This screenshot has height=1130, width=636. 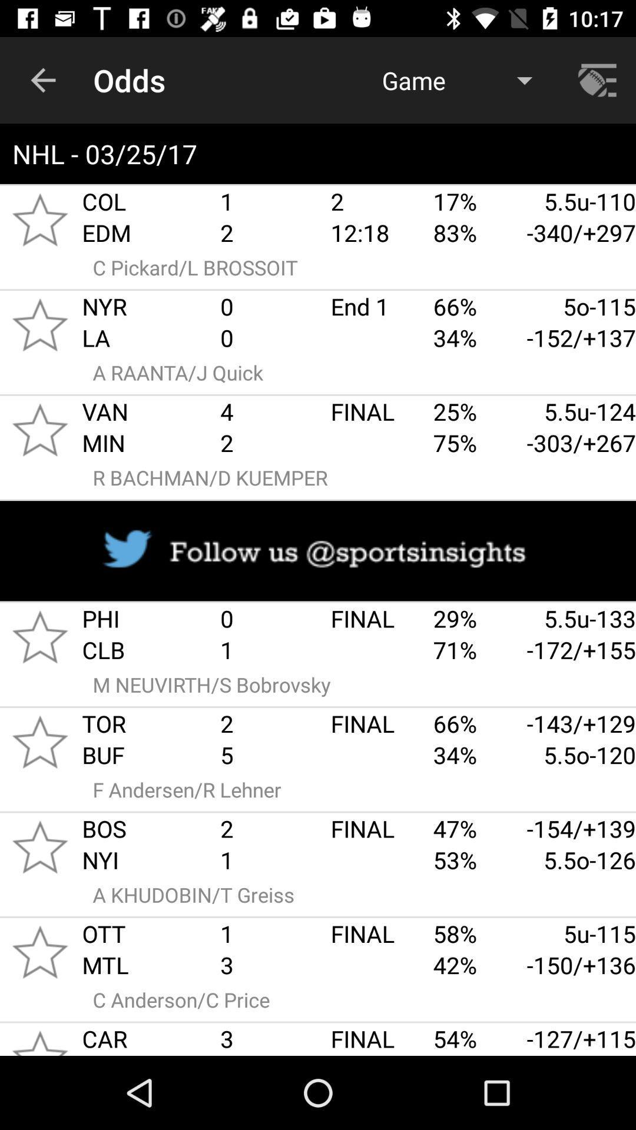 I want to click on rating, so click(x=39, y=220).